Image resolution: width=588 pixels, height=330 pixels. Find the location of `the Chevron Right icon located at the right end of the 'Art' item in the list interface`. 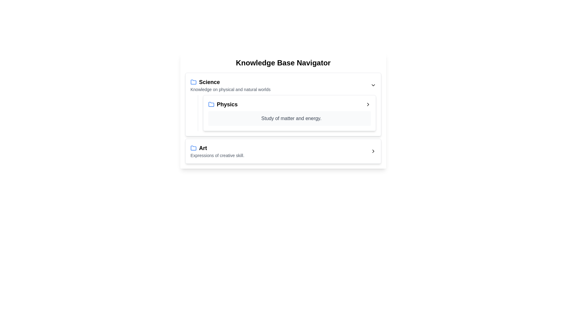

the Chevron Right icon located at the right end of the 'Art' item in the list interface is located at coordinates (373, 151).